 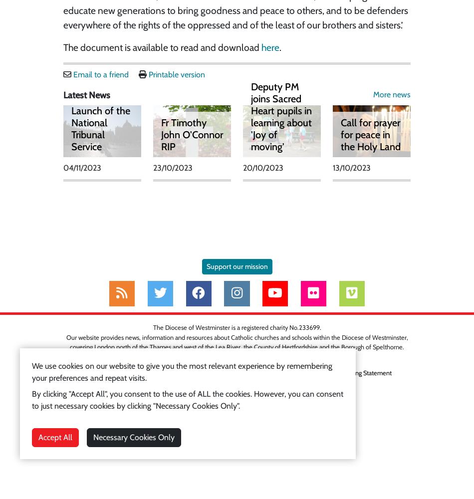 I want to click on 'By clicking "Accept All", you consent to the use of ALL the cookies. However, you can consent to just
                    necessary cookies by clicking "Necessary Cookies Only".', so click(x=32, y=400).